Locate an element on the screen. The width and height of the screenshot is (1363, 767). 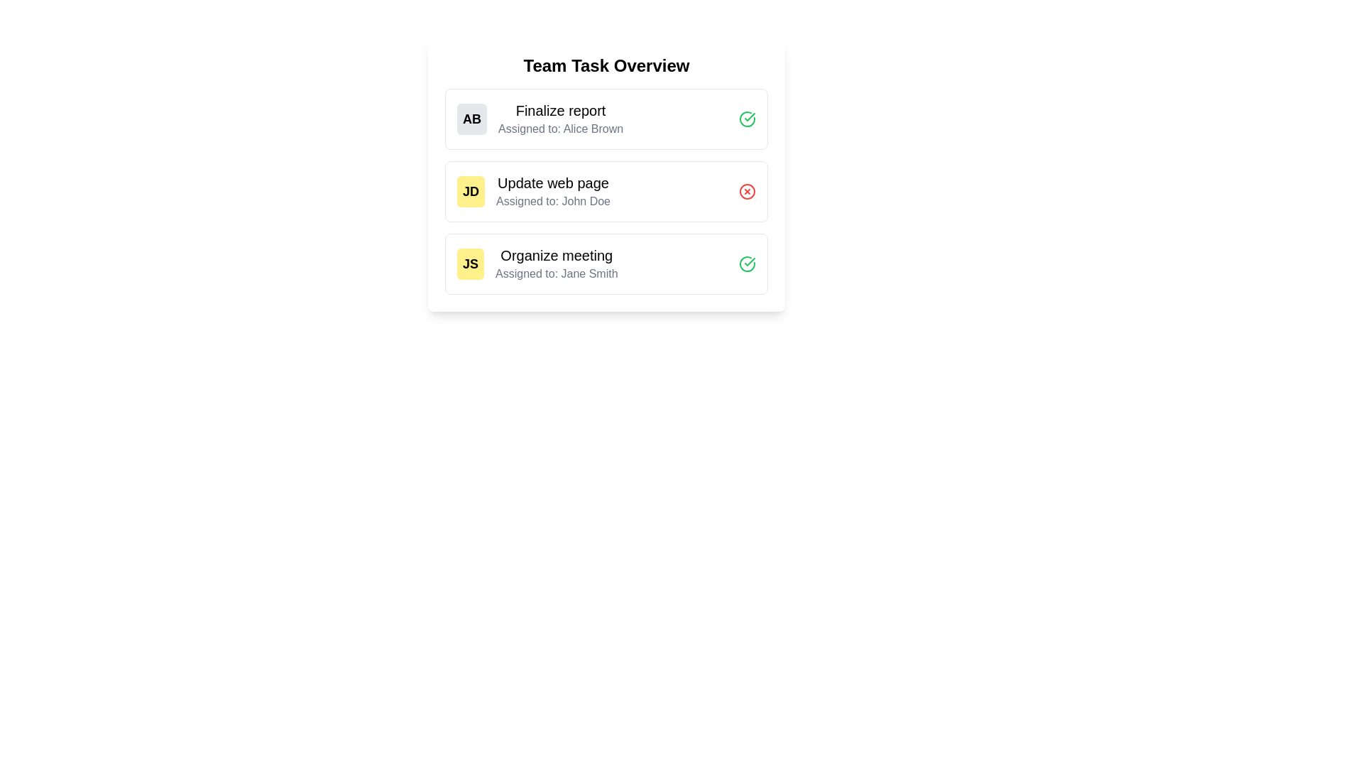
the text display that shows 'Organize meeting' and 'Assigned to: Jane Smith', located to the right of the yellow avatar icon labeled 'JS' in the third row of the task list is located at coordinates (556, 263).